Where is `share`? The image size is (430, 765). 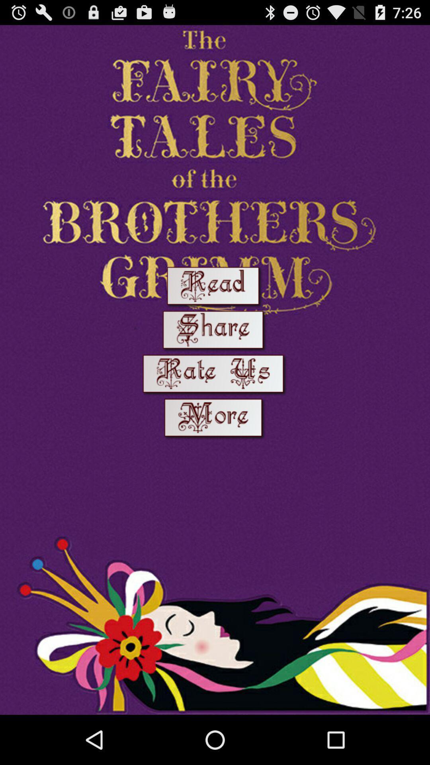
share is located at coordinates (214, 331).